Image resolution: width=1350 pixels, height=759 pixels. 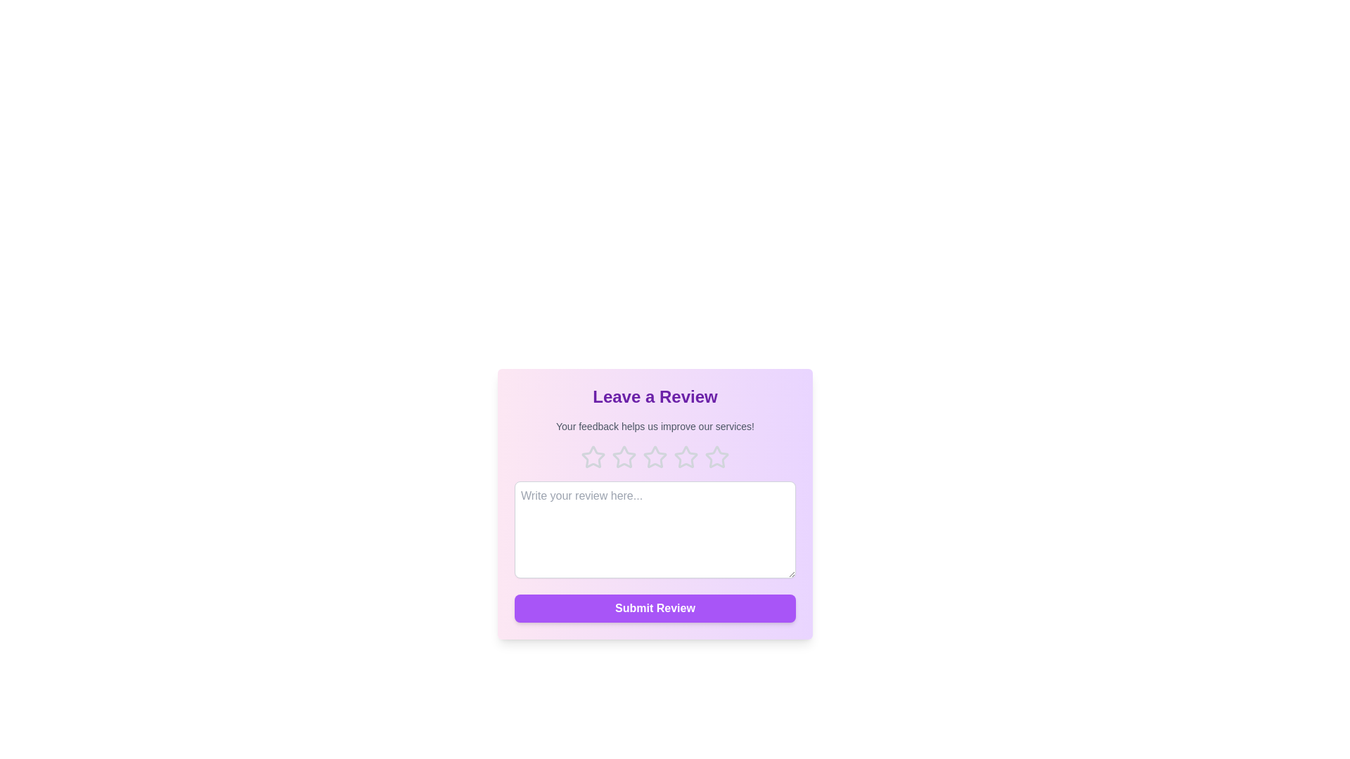 What do you see at coordinates (624, 458) in the screenshot?
I see `the 2 star to highlight it` at bounding box center [624, 458].